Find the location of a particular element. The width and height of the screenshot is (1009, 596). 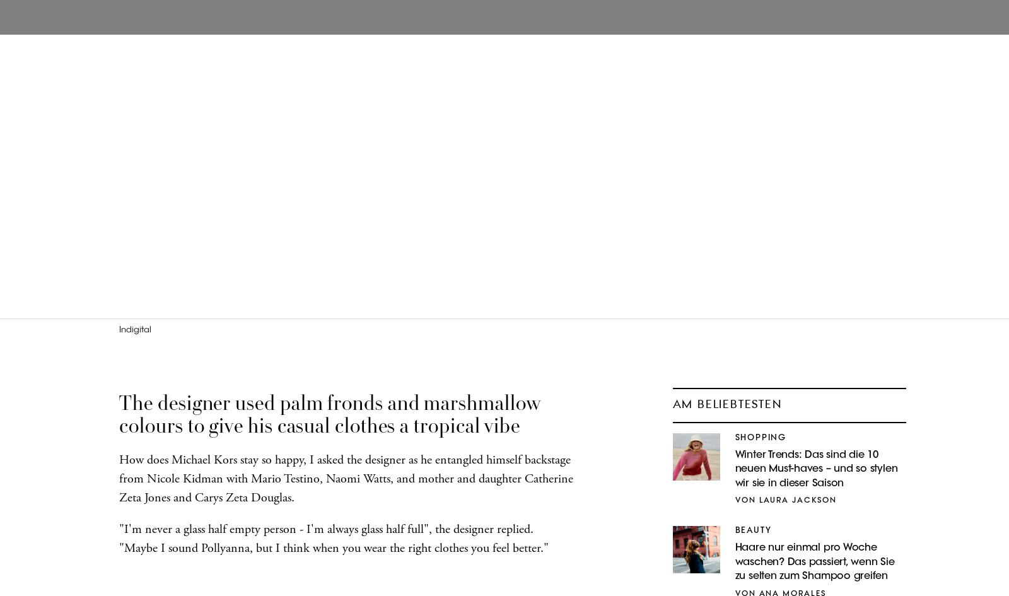

'Beauty' is located at coordinates (753, 530).